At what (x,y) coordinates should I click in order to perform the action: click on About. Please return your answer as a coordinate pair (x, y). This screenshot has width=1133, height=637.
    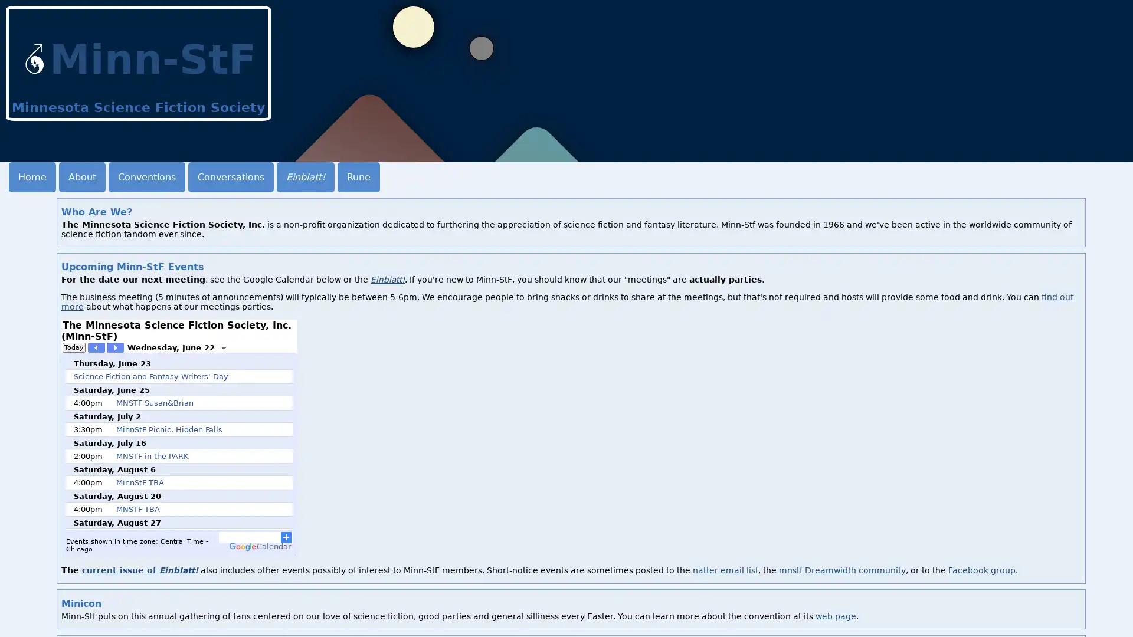
    Looking at the image, I should click on (81, 177).